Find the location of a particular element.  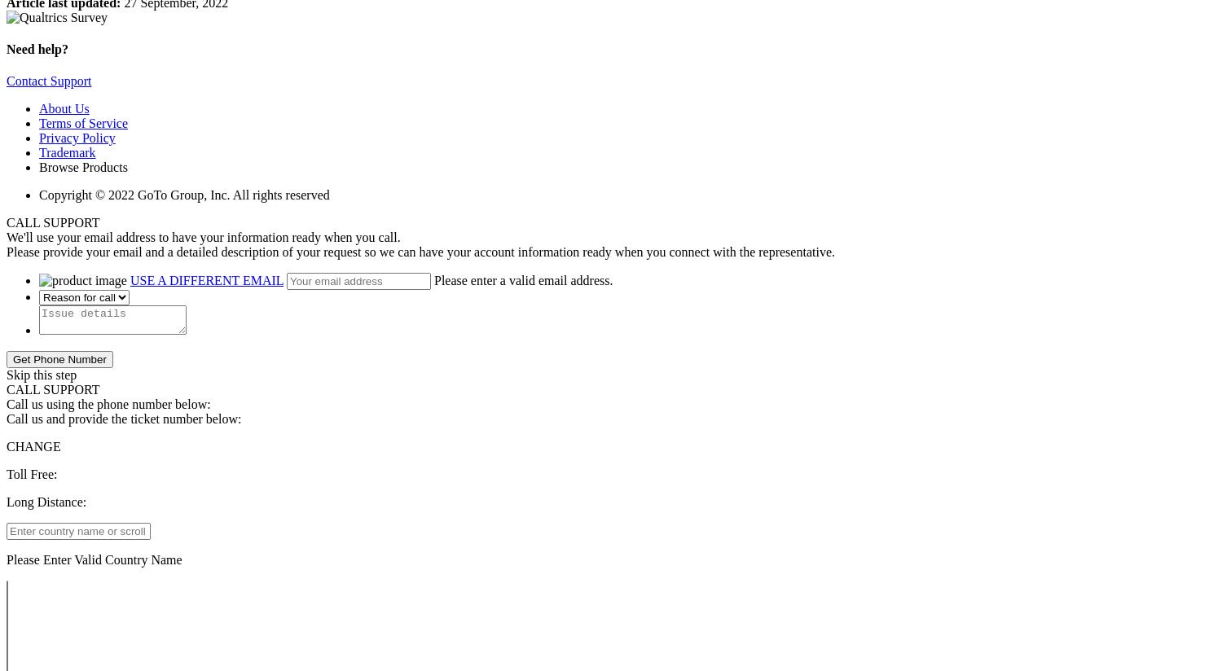

'Please enter a valid email address.' is located at coordinates (433, 279).